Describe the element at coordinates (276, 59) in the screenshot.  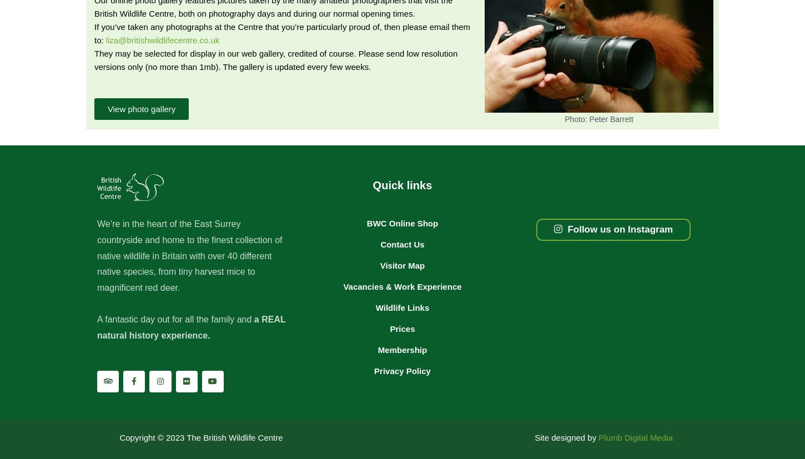
I see `'They may be selected for display in our web gallery, credited of course. Please send low resolution versions only (no more than 1mb). The gallery is updated every few weeks.'` at that location.